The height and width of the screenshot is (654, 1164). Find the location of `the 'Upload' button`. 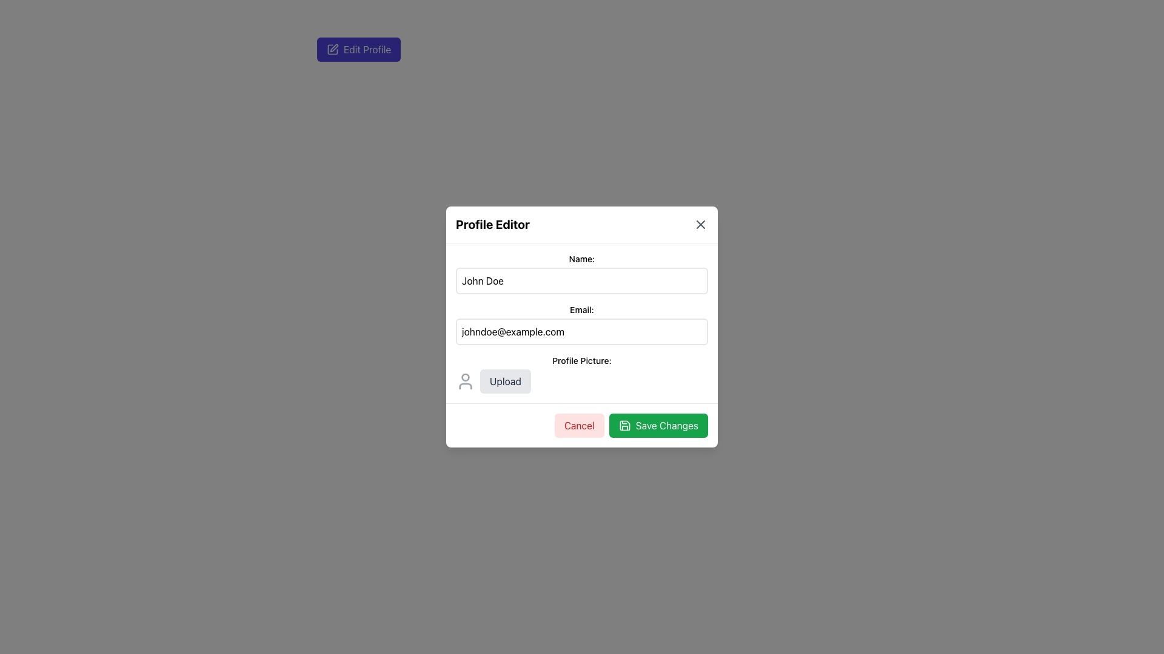

the 'Upload' button is located at coordinates (505, 380).